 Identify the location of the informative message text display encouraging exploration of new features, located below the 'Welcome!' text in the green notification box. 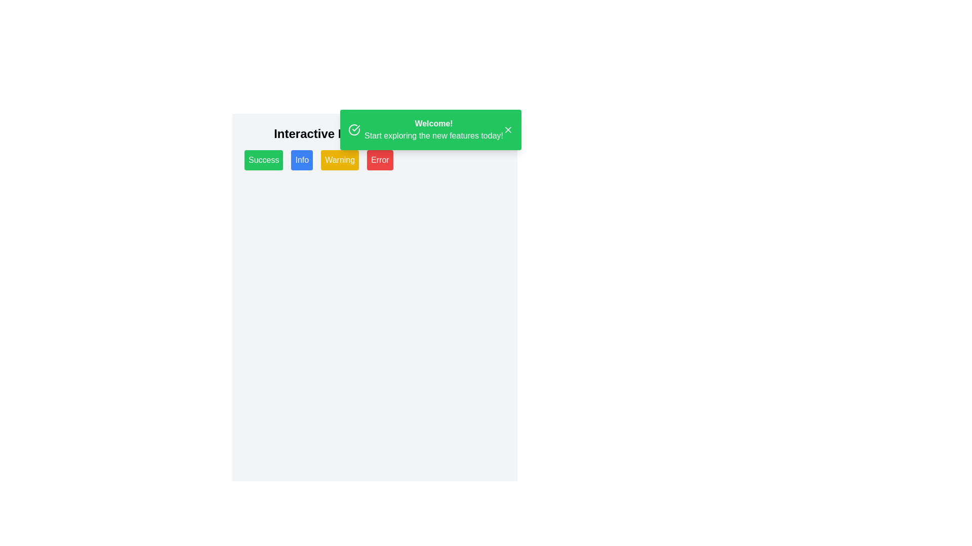
(434, 135).